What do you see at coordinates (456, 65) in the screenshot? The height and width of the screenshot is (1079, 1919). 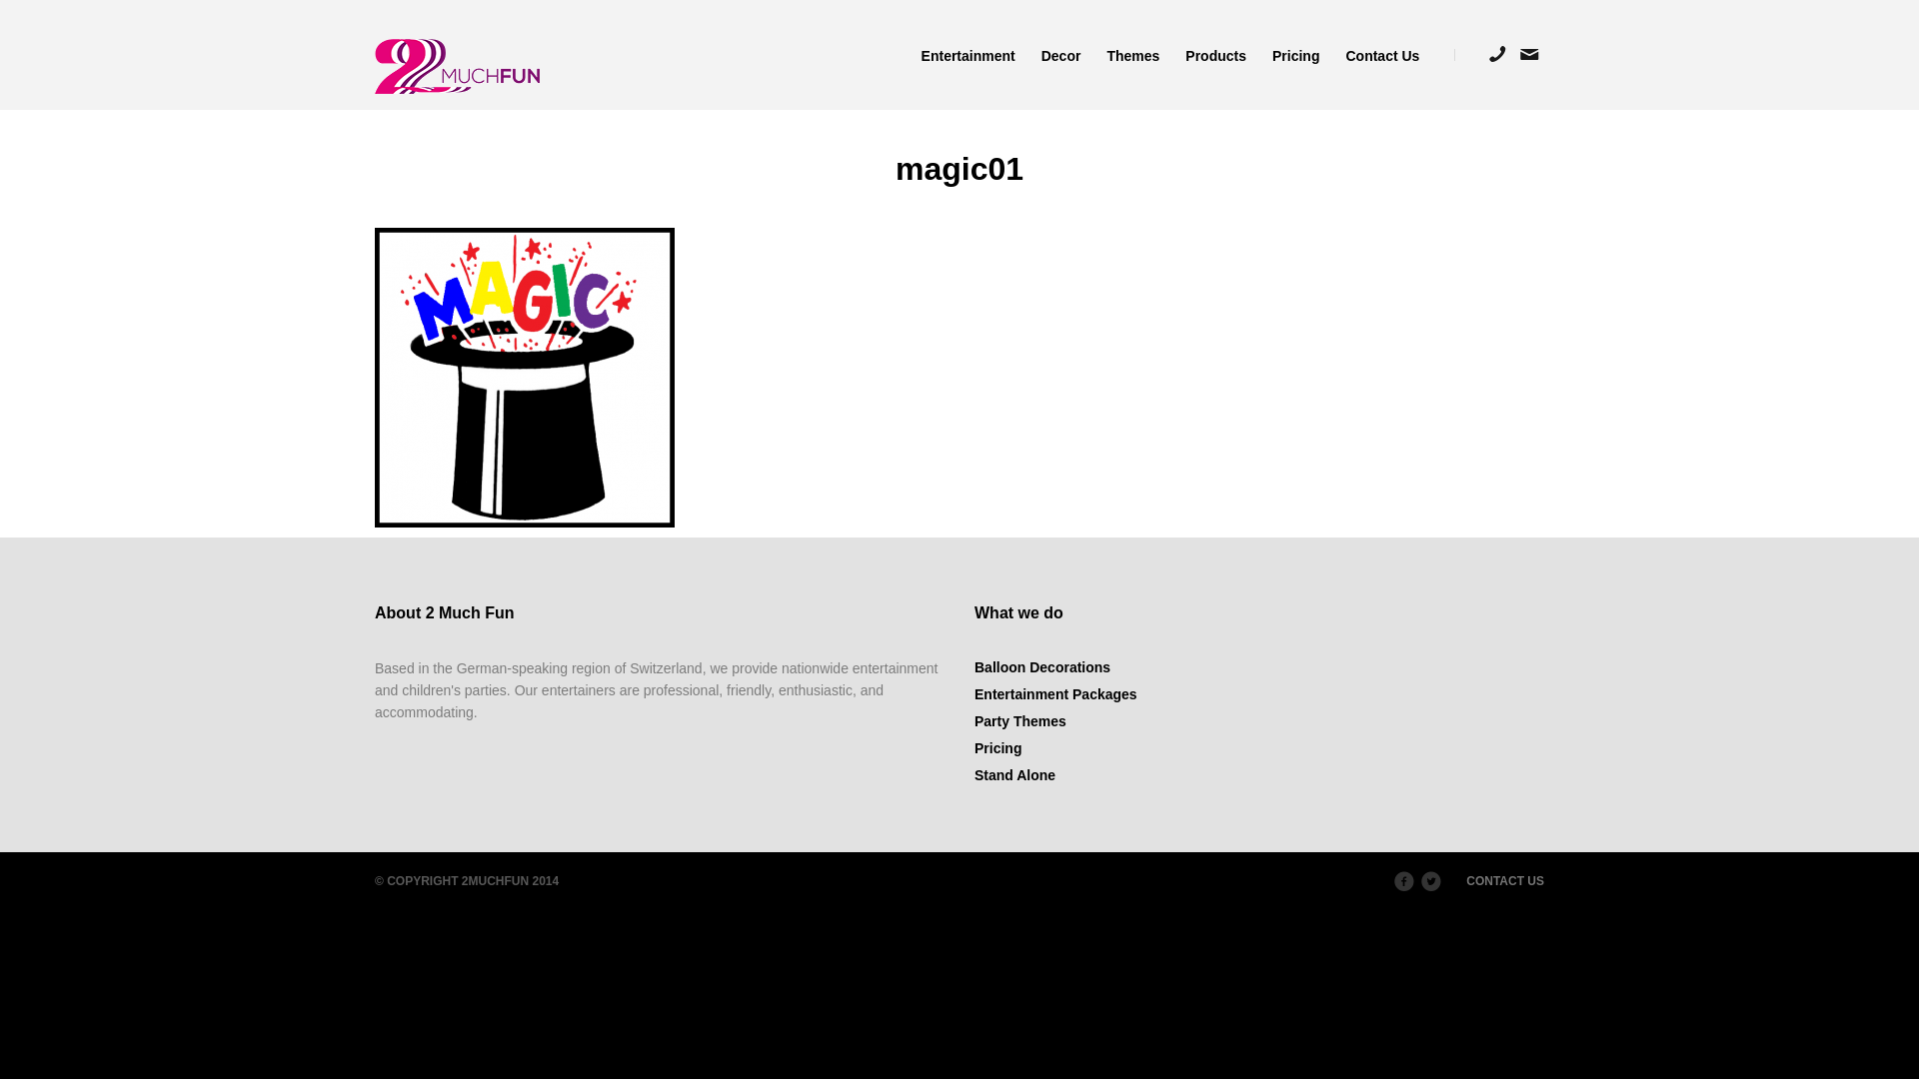 I see `'2MuchFun'` at bounding box center [456, 65].